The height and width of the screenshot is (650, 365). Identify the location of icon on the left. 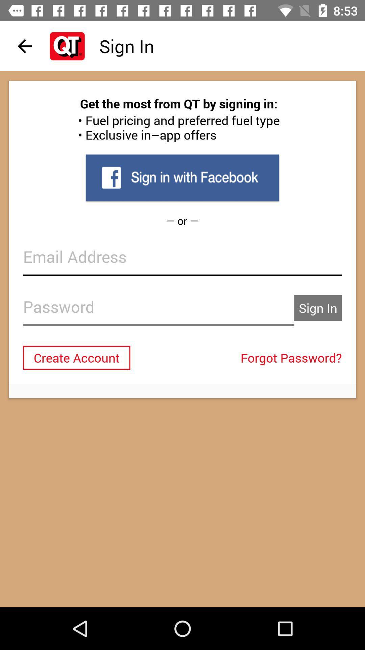
(76, 357).